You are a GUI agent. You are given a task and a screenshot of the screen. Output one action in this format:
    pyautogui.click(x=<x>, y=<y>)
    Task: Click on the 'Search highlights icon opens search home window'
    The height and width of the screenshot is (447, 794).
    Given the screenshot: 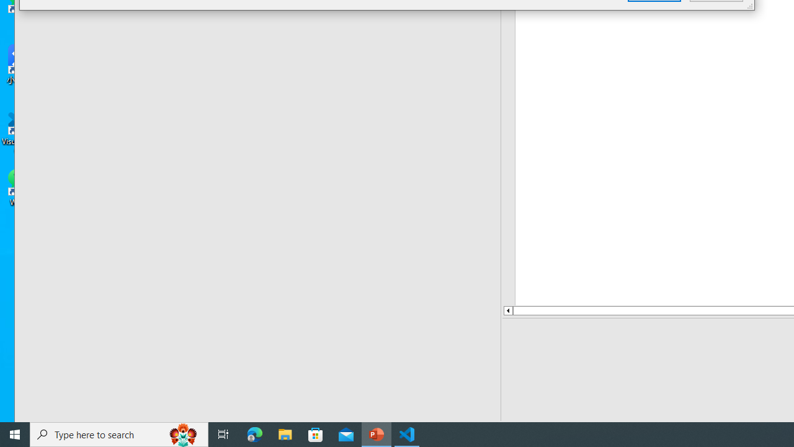 What is the action you would take?
    pyautogui.click(x=182, y=433)
    